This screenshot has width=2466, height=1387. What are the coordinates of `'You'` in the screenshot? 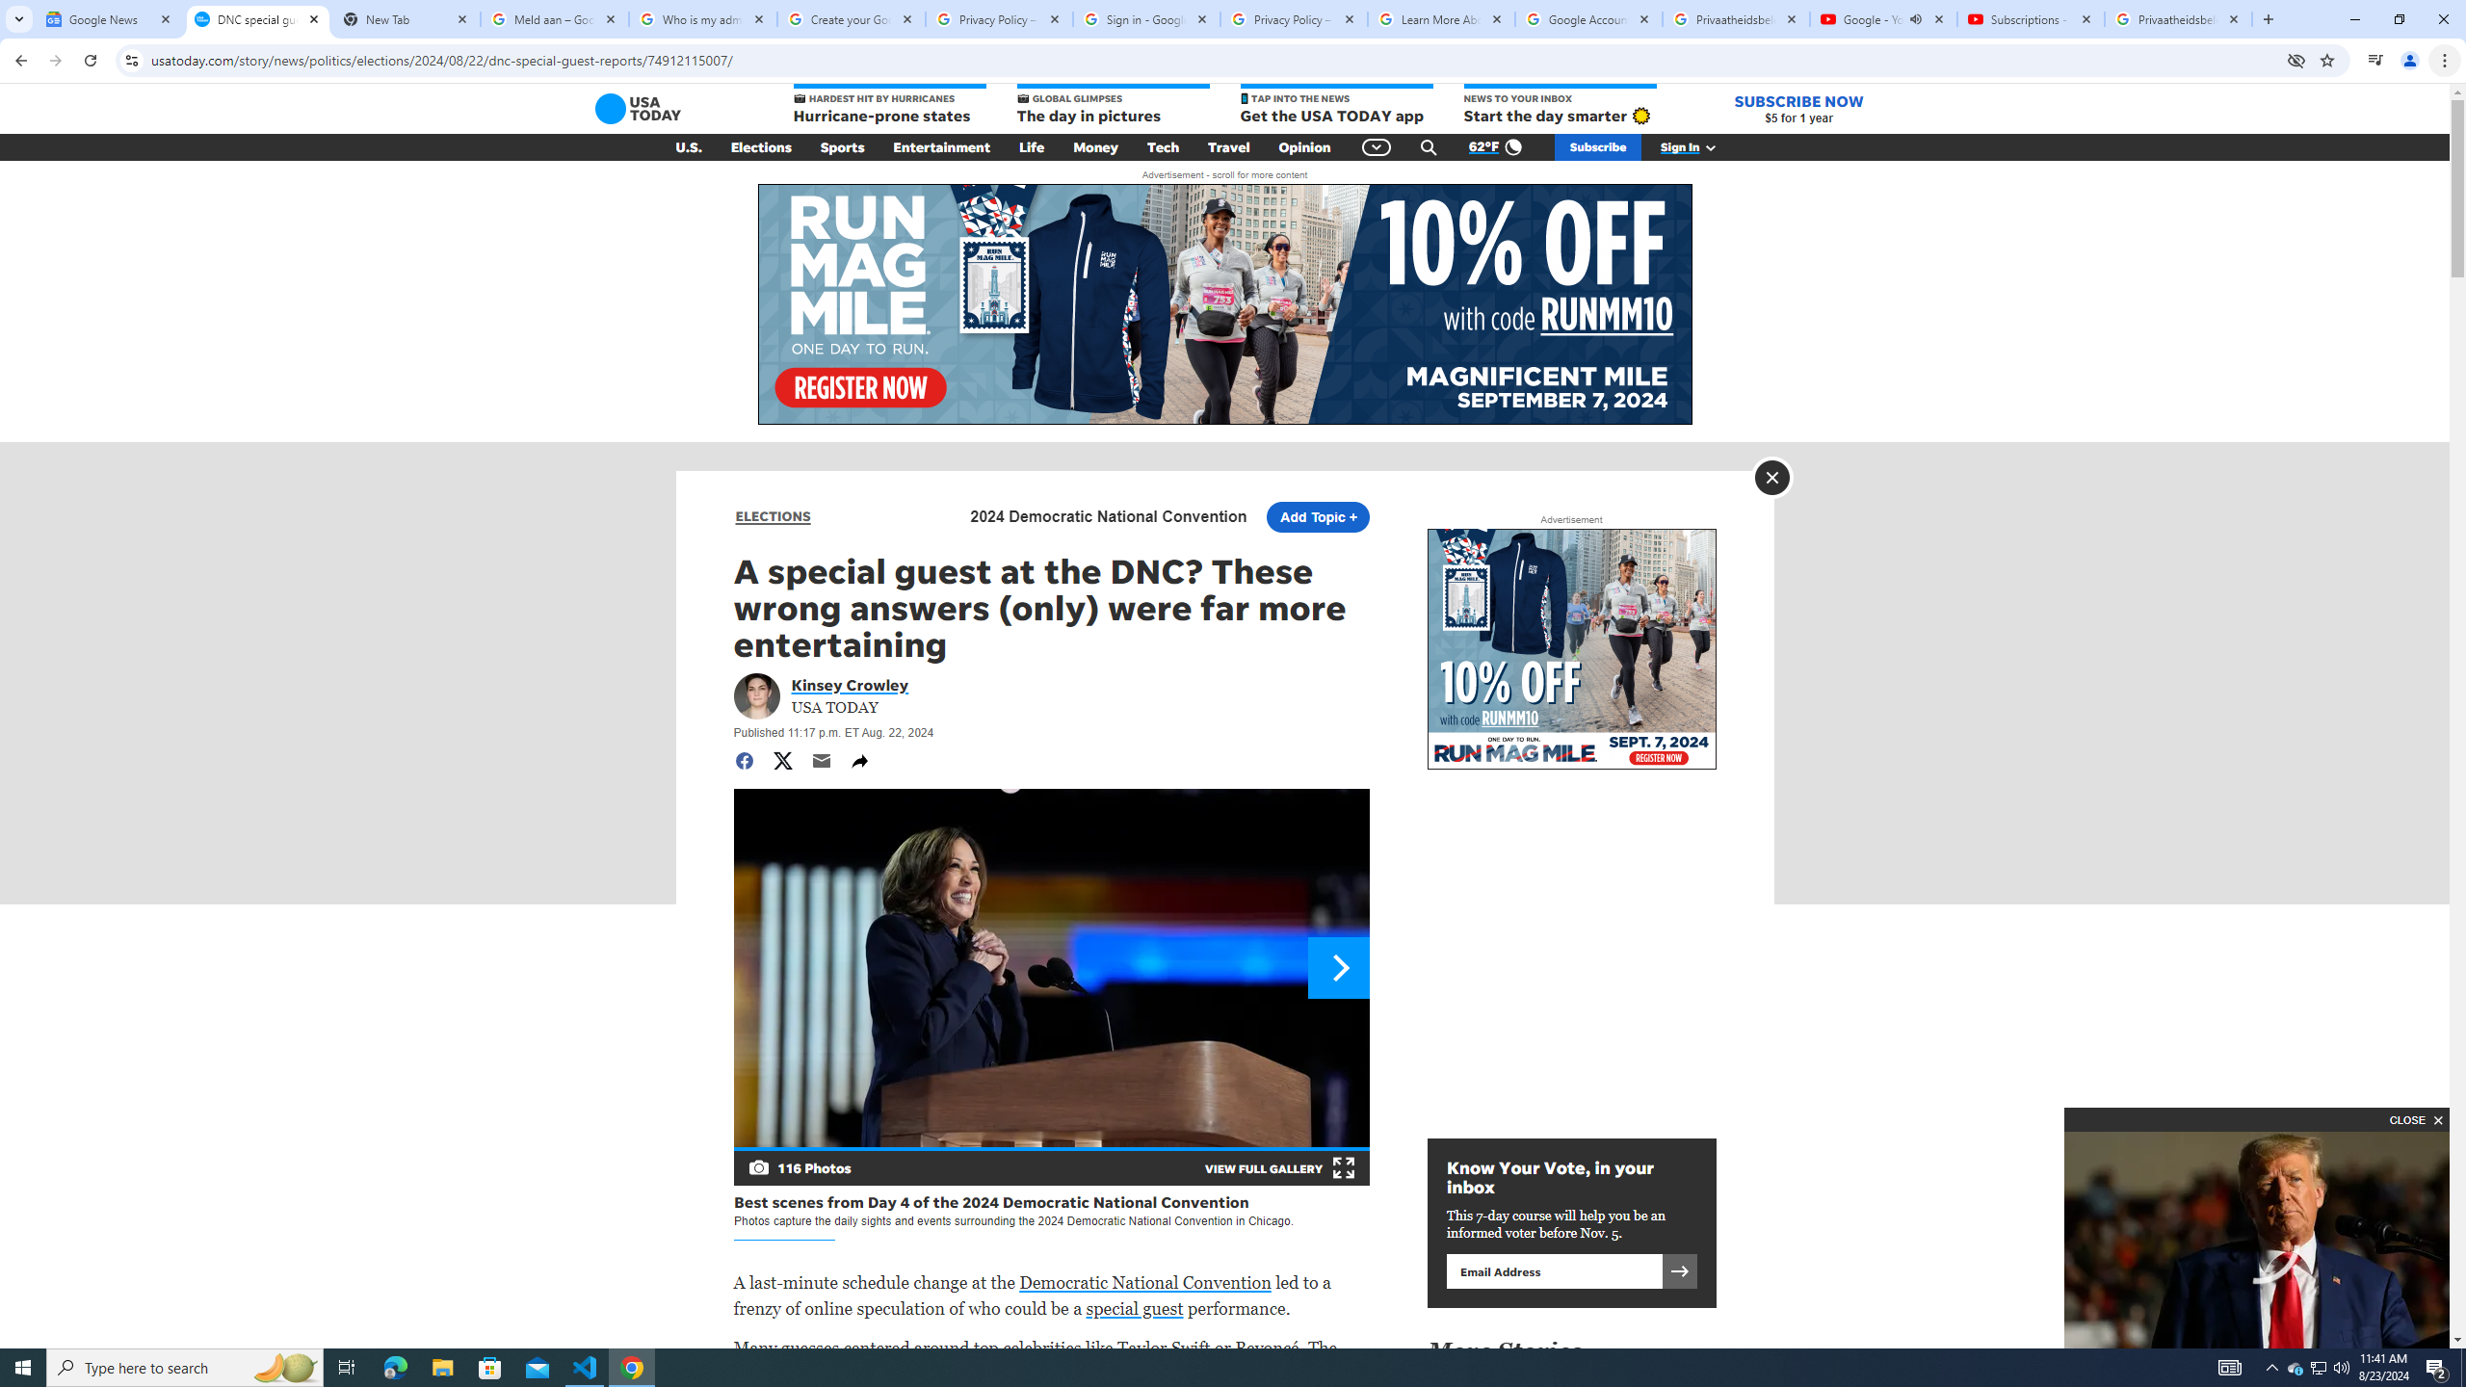 It's located at (2410, 60).